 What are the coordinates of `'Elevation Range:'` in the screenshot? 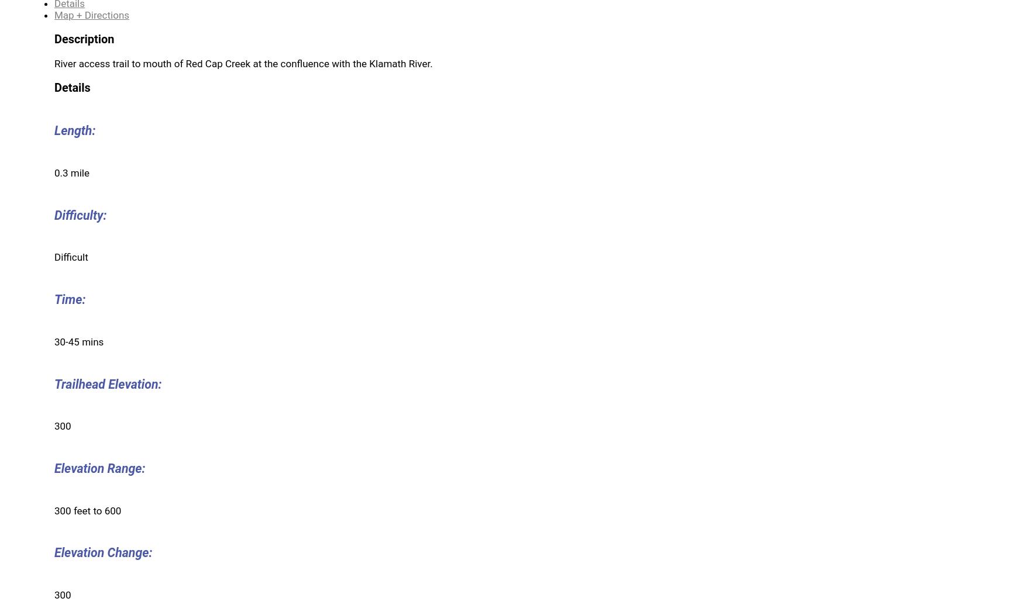 It's located at (99, 467).